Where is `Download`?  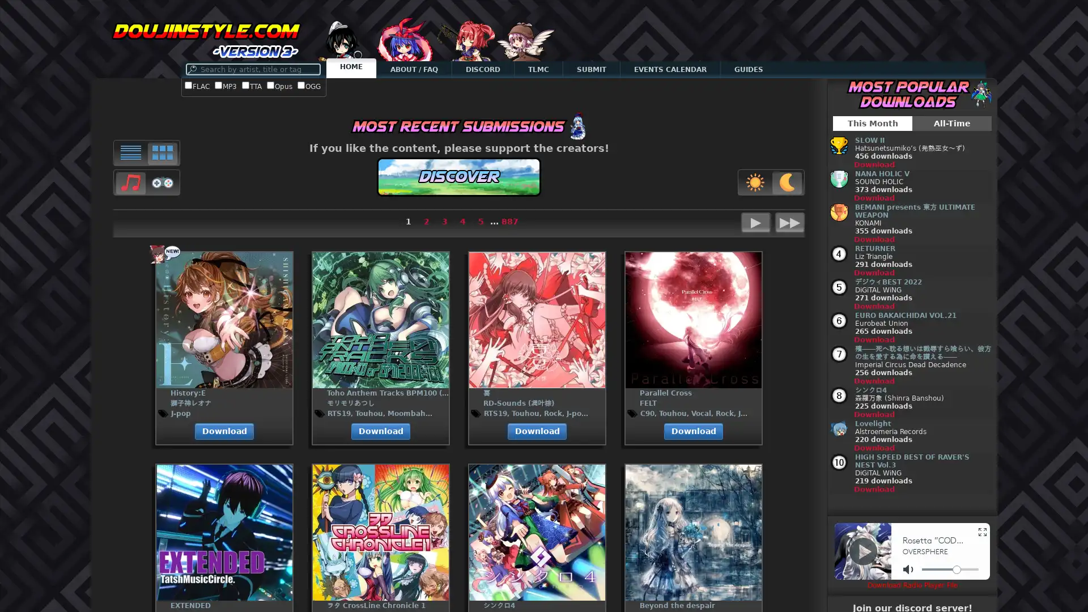 Download is located at coordinates (873, 239).